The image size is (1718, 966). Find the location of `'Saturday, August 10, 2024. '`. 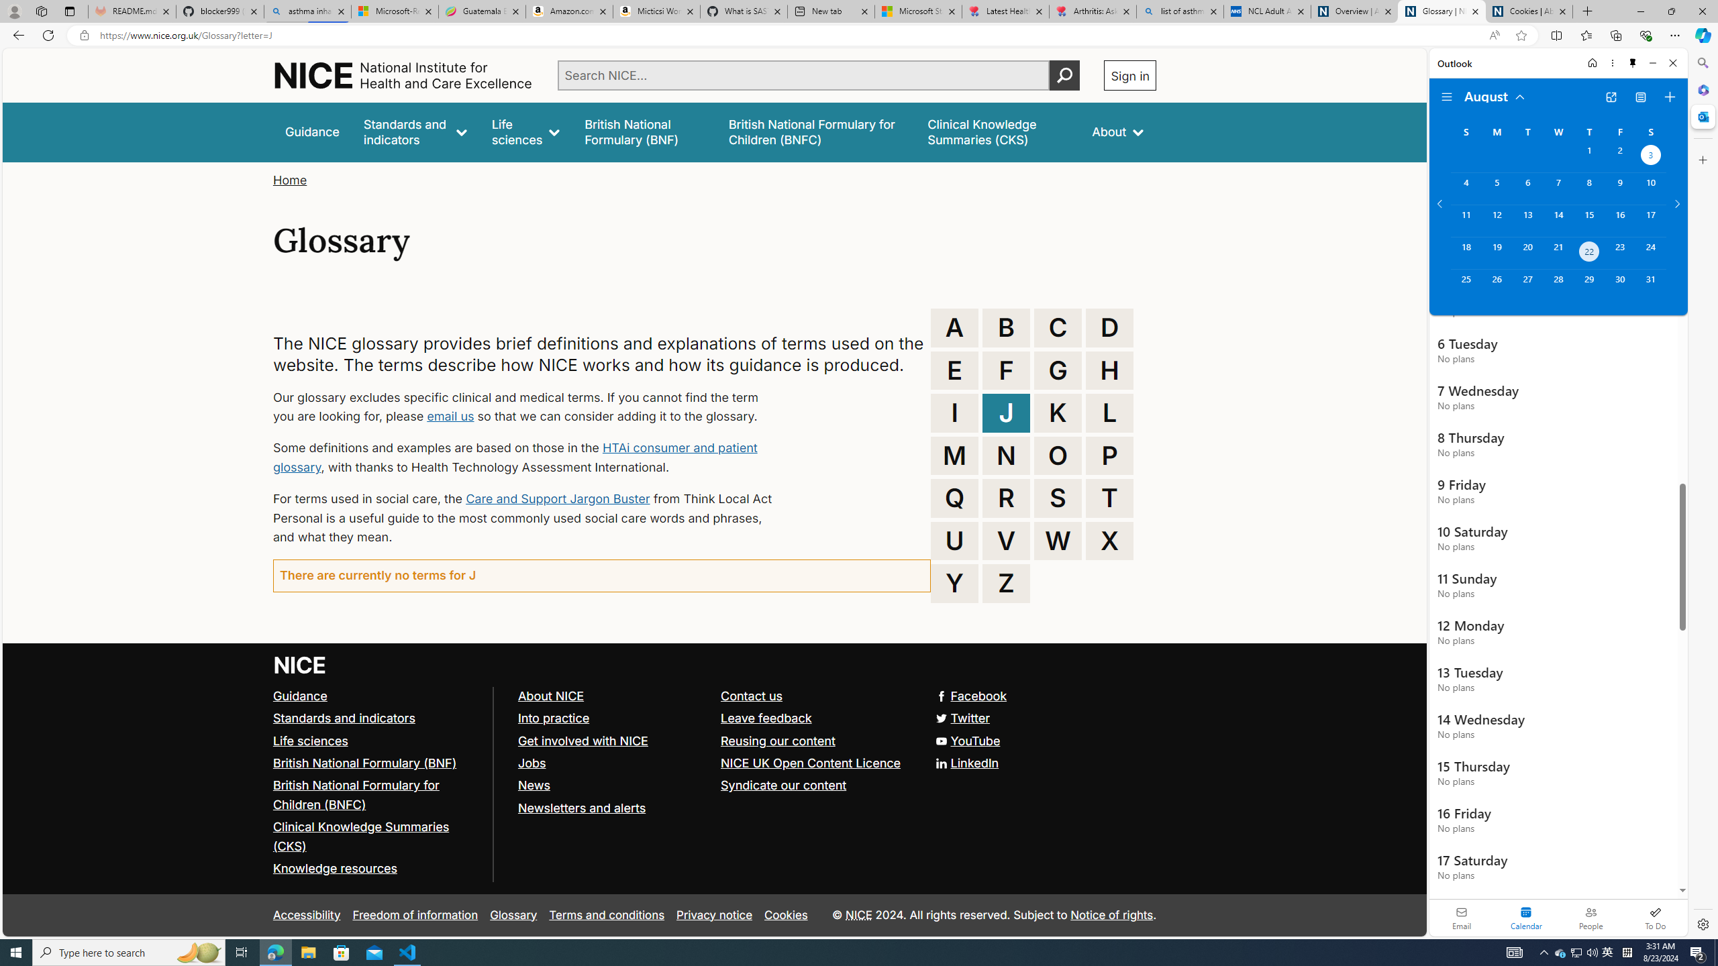

'Saturday, August 10, 2024. ' is located at coordinates (1650, 188).